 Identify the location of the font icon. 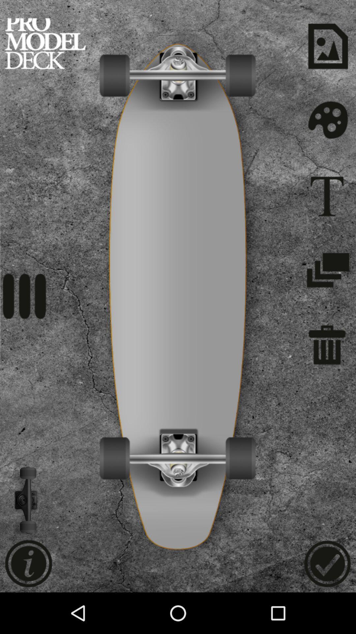
(327, 210).